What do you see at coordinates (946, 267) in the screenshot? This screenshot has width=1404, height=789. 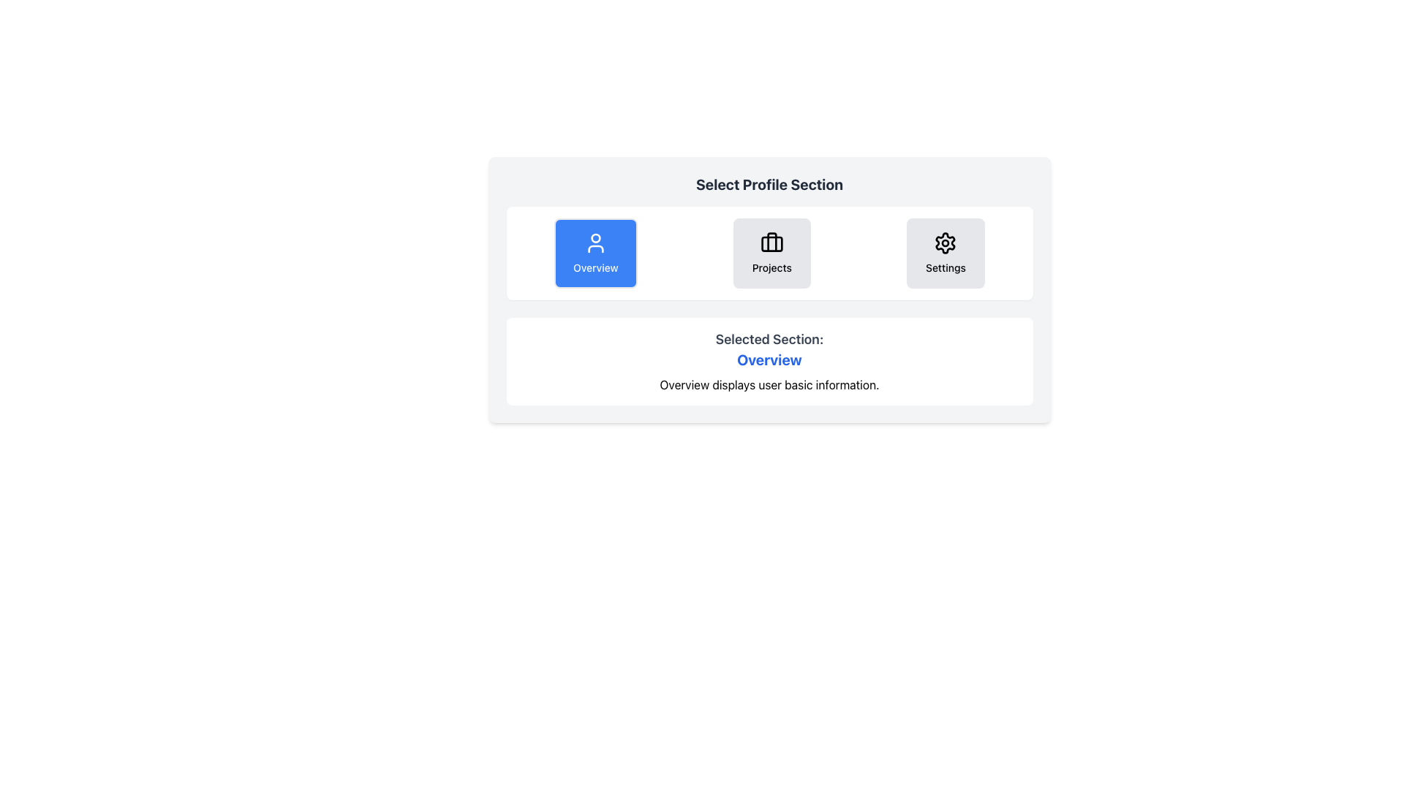 I see `text label displaying 'Settings' located below the gear icon in the settings section of the UI` at bounding box center [946, 267].